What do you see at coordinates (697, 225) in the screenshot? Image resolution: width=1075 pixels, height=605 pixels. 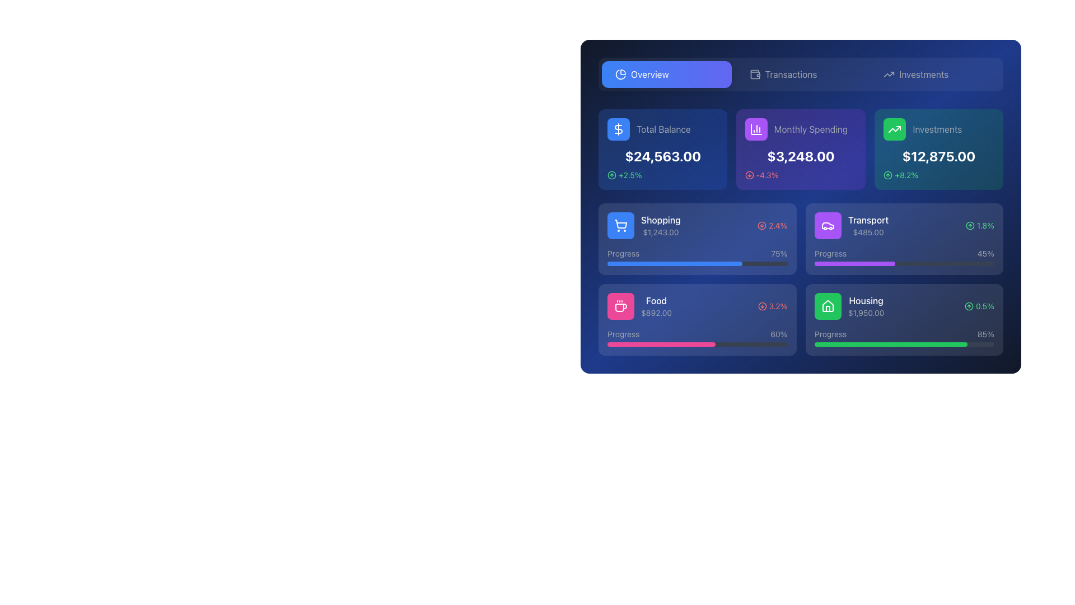 I see `displayed information on the second card in the grid that summarizes shopping expenditure, including total spent amount and percentage comparison` at bounding box center [697, 225].